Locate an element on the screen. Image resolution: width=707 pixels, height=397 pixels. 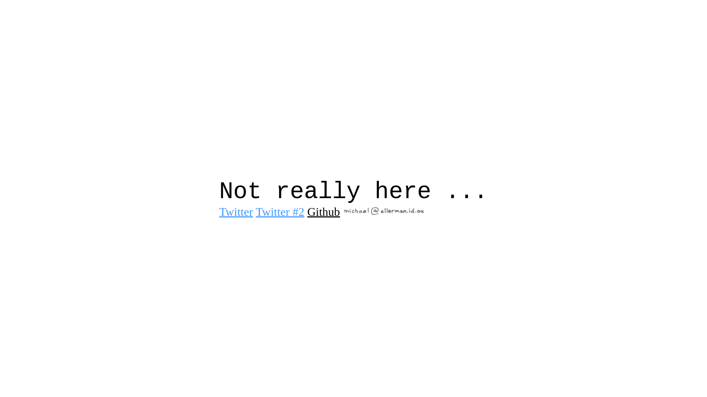
'Twitter' is located at coordinates (236, 211).